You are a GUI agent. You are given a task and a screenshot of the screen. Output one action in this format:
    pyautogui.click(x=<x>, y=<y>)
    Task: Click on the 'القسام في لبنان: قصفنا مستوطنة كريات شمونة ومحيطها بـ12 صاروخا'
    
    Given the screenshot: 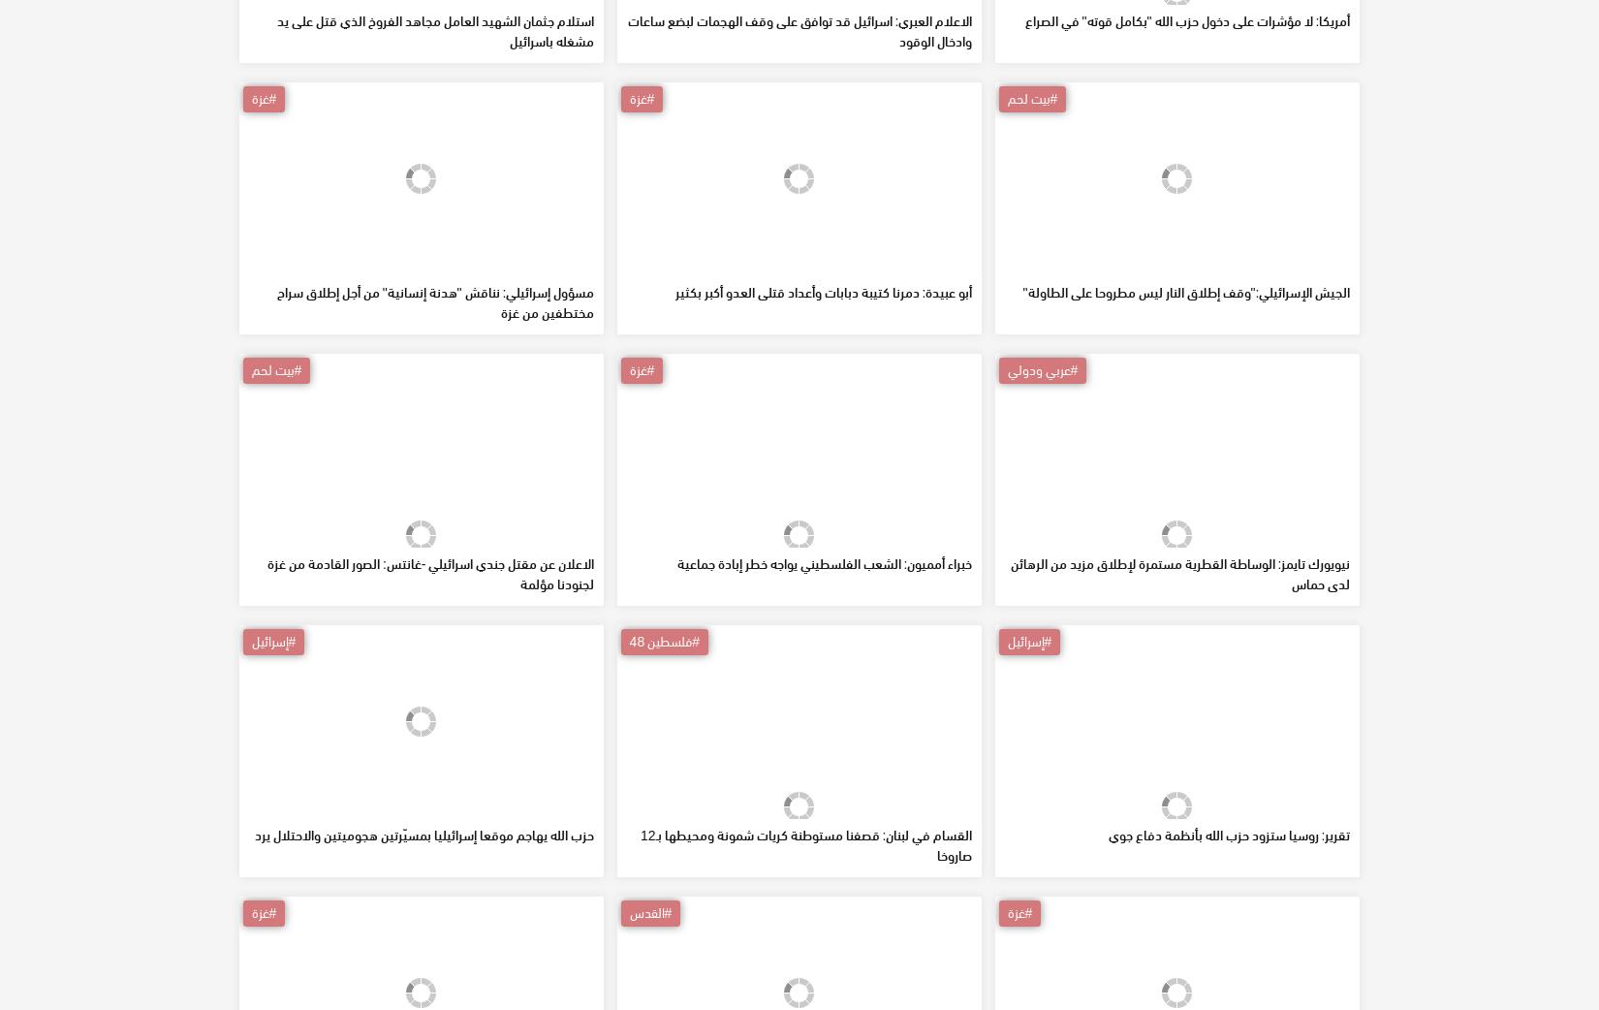 What is the action you would take?
    pyautogui.click(x=639, y=984)
    